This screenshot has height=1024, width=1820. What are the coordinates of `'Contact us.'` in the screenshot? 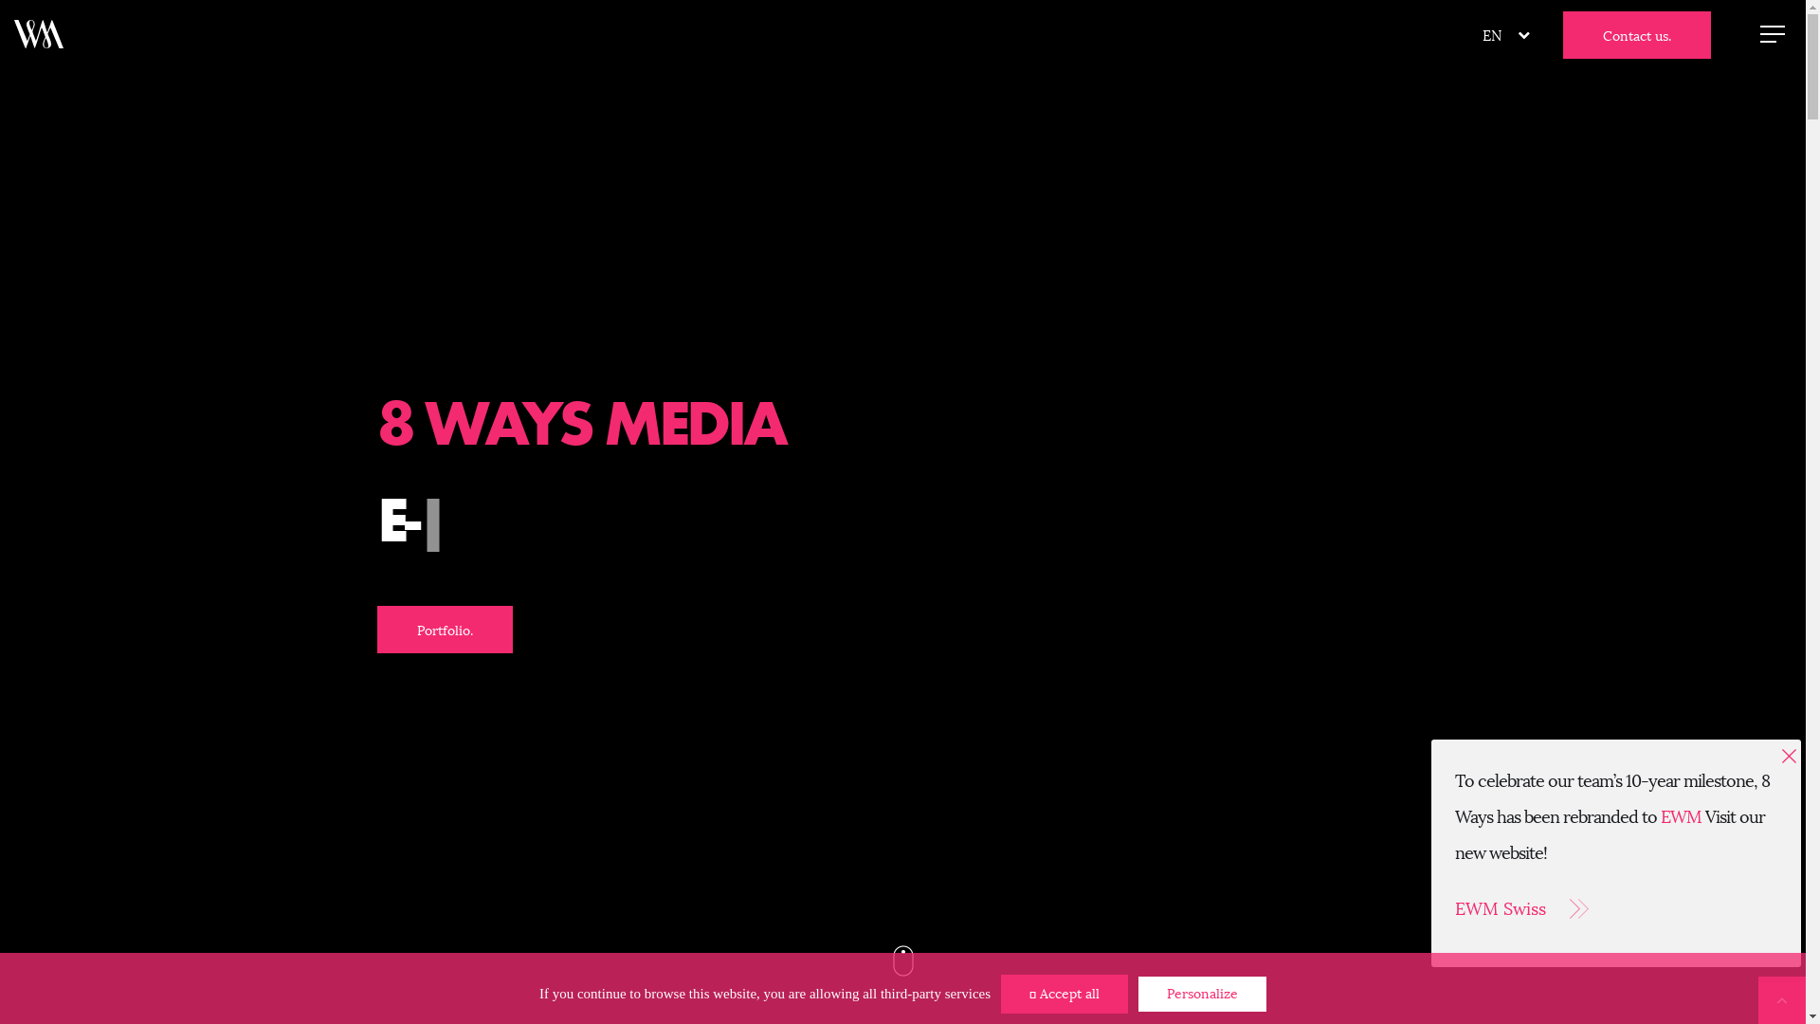 It's located at (1636, 35).